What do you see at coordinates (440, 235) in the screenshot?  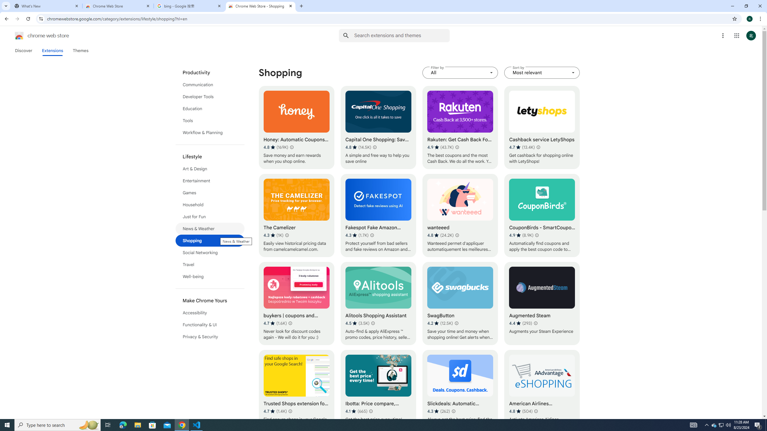 I see `'Average rating 4.8 out of 5 stars. 24.2K ratings.'` at bounding box center [440, 235].